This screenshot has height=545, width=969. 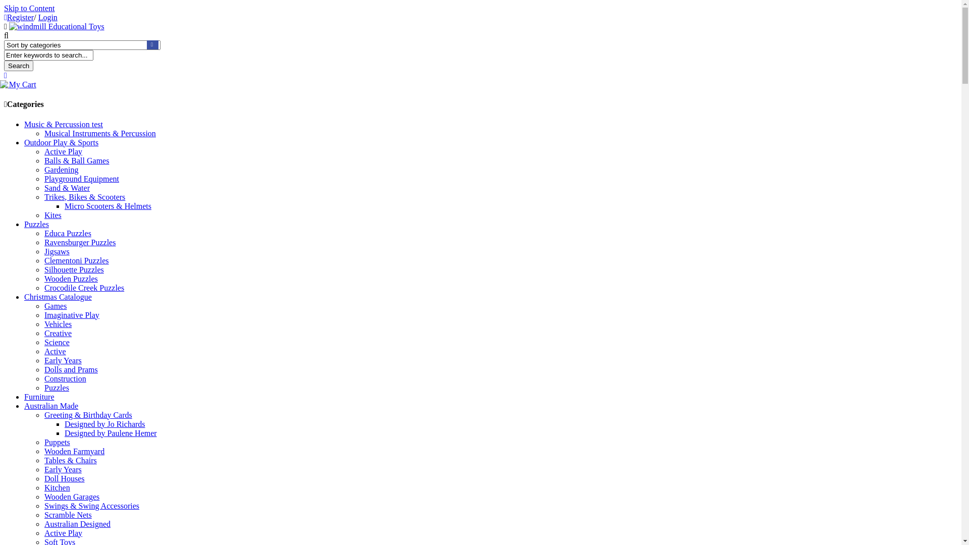 What do you see at coordinates (57, 442) in the screenshot?
I see `'Puppets'` at bounding box center [57, 442].